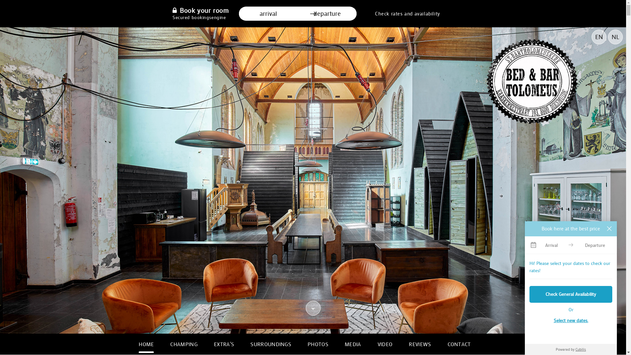 This screenshot has width=631, height=355. What do you see at coordinates (146, 343) in the screenshot?
I see `'HOME'` at bounding box center [146, 343].